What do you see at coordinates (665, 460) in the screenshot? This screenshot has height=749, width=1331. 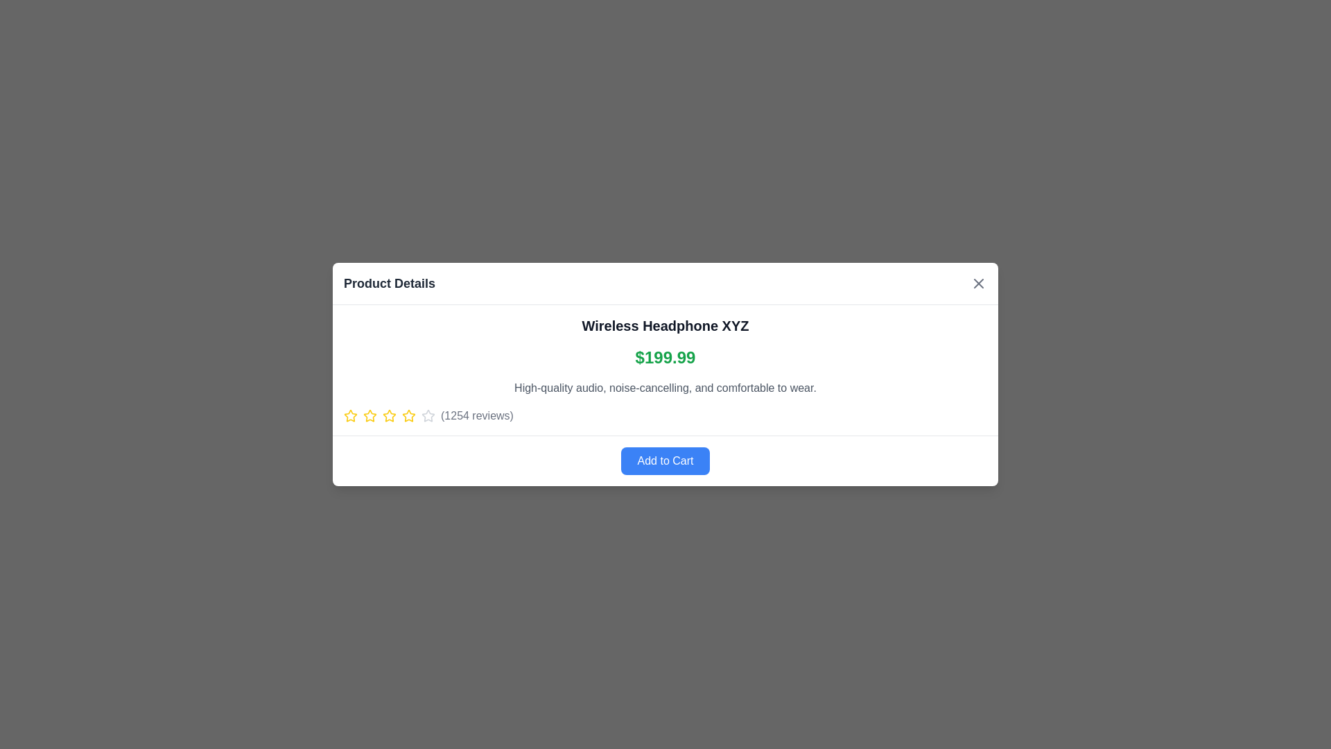 I see `the 'Add to Cart' button, which is a rectangular button with rounded corners, vibrant blue background, and white text, located at the bottom center of the modal for the product 'Wireless Headphone XYZ'` at bounding box center [665, 460].